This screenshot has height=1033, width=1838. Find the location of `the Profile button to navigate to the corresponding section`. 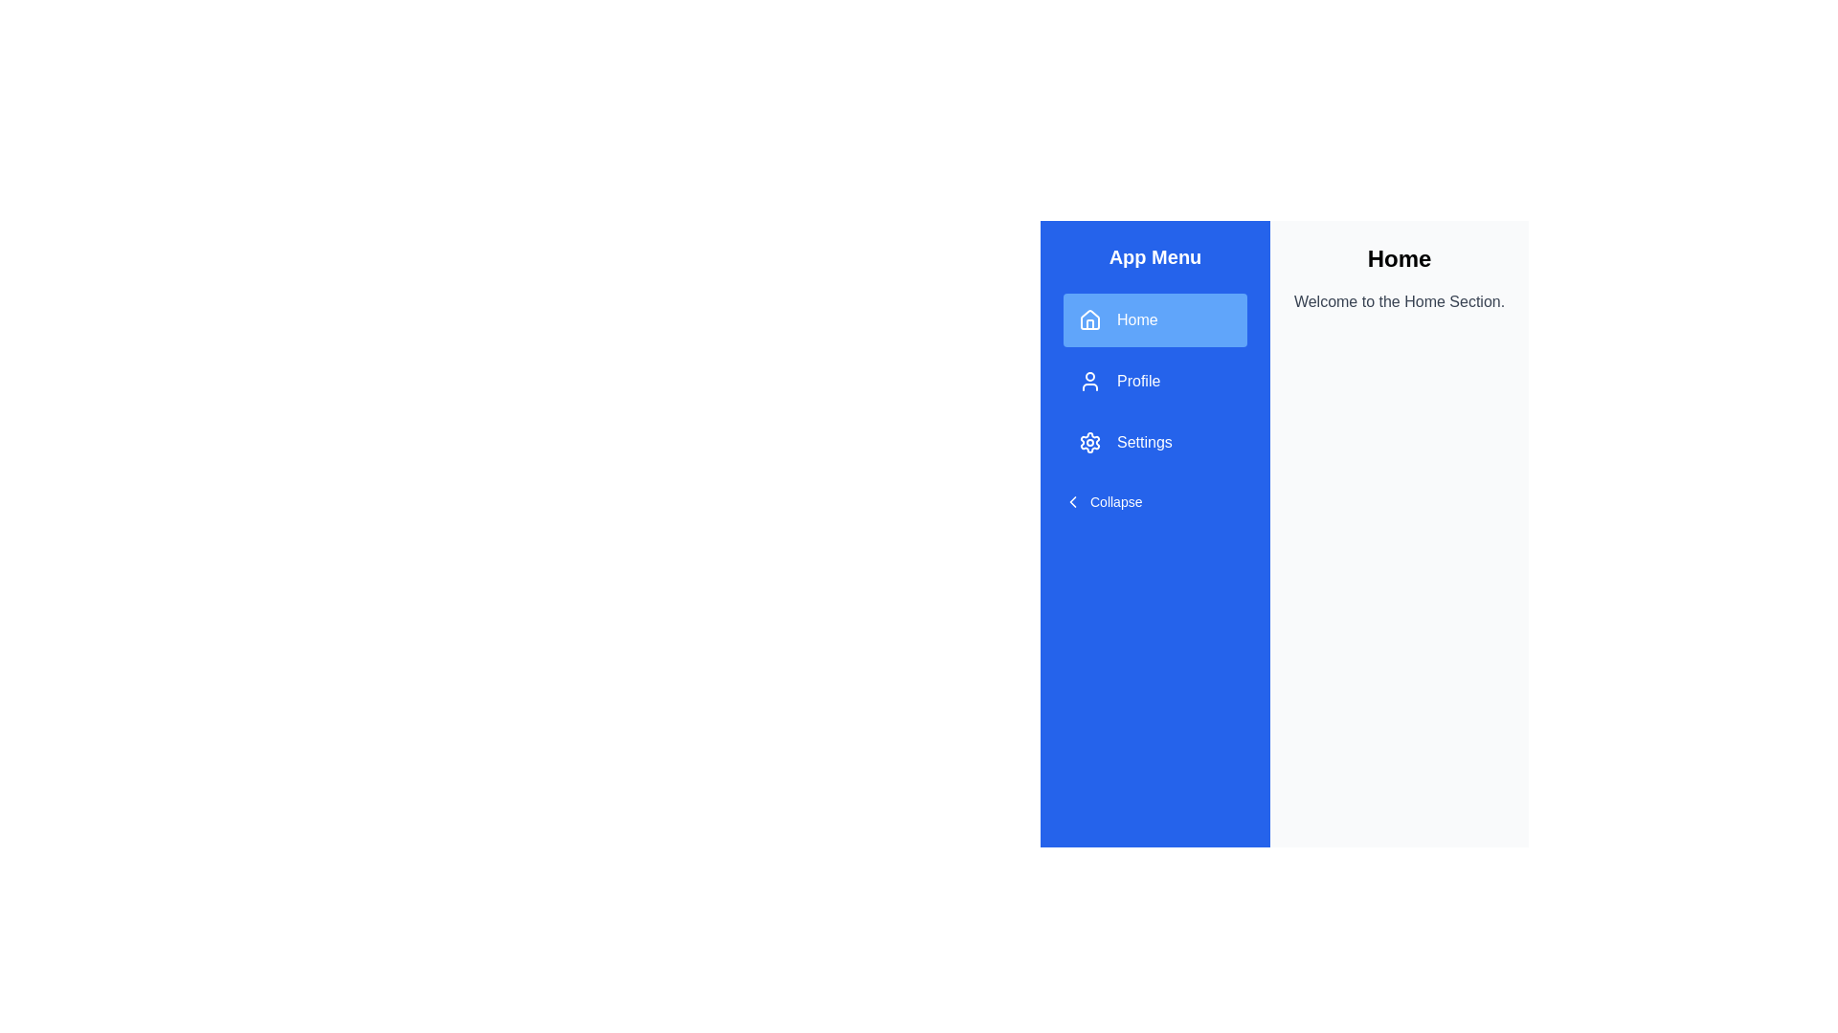

the Profile button to navigate to the corresponding section is located at coordinates (1154, 381).